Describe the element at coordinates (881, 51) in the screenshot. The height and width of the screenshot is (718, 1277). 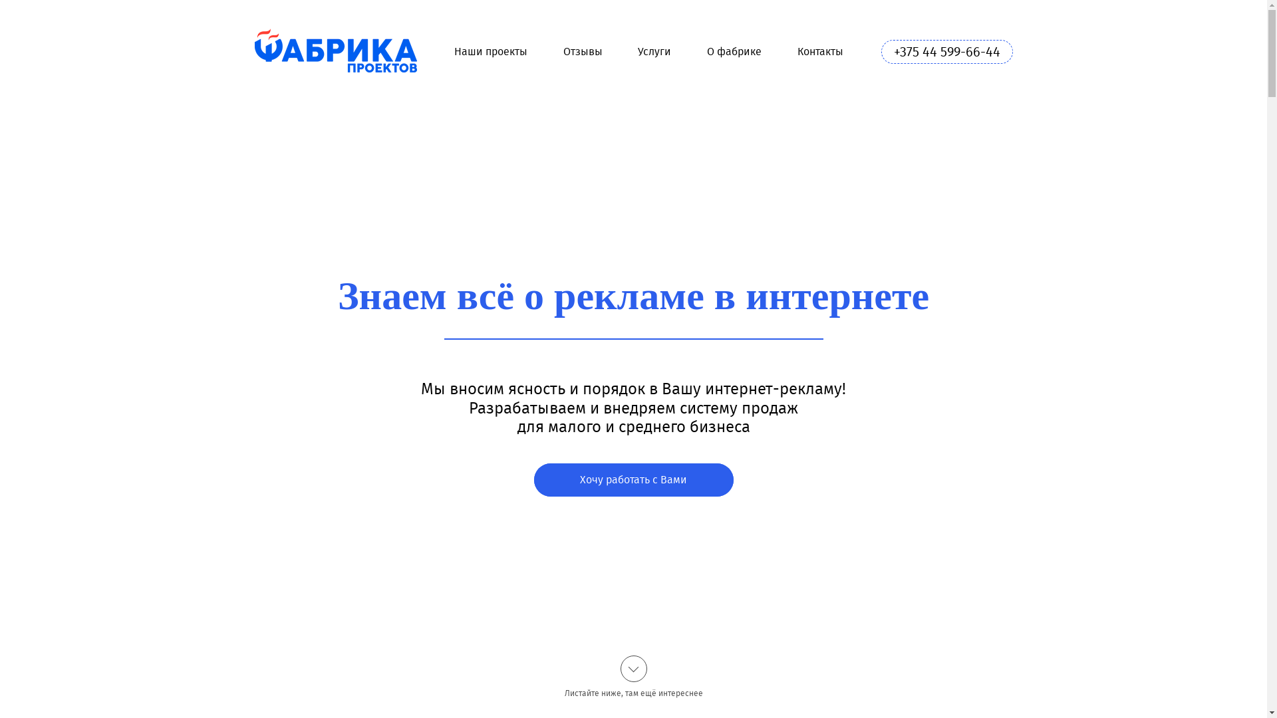
I see `'+375 44 599-66-44'` at that location.